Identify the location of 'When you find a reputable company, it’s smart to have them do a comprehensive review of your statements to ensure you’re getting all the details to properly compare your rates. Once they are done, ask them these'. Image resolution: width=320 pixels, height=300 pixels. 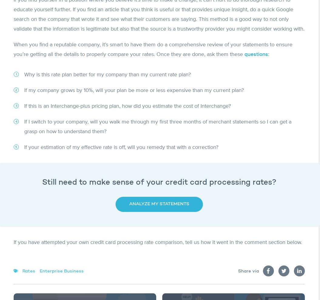
(153, 49).